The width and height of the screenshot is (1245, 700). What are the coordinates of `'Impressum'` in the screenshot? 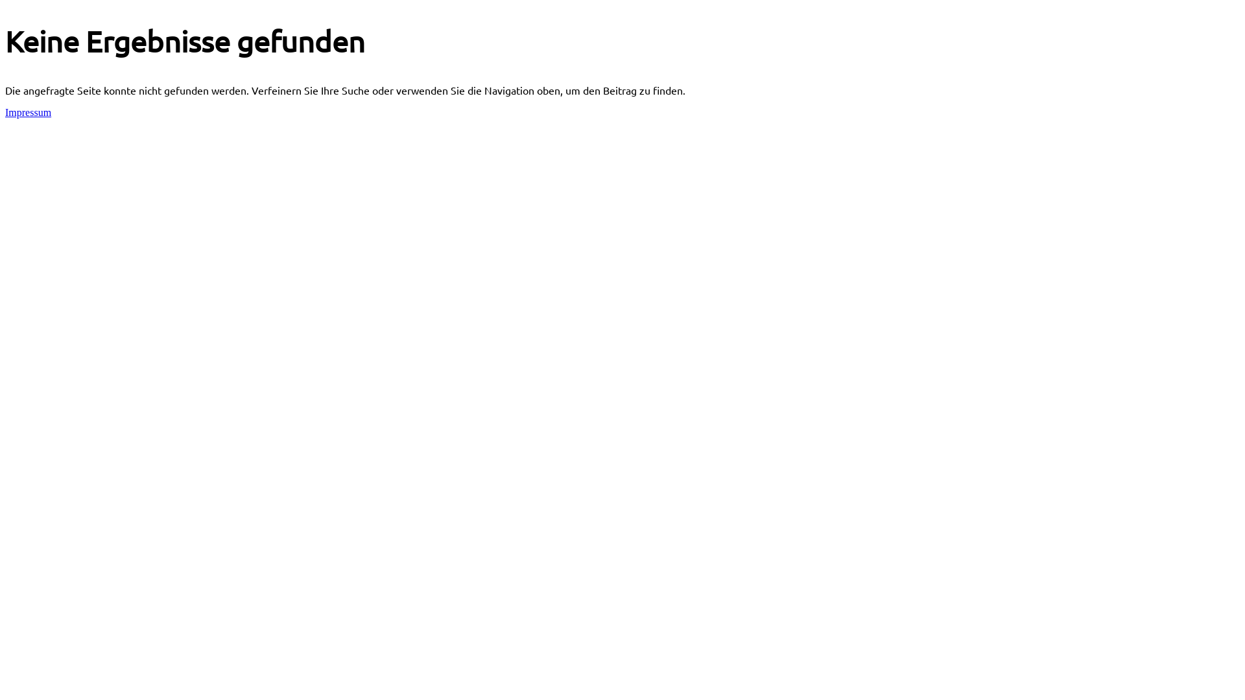 It's located at (5, 111).